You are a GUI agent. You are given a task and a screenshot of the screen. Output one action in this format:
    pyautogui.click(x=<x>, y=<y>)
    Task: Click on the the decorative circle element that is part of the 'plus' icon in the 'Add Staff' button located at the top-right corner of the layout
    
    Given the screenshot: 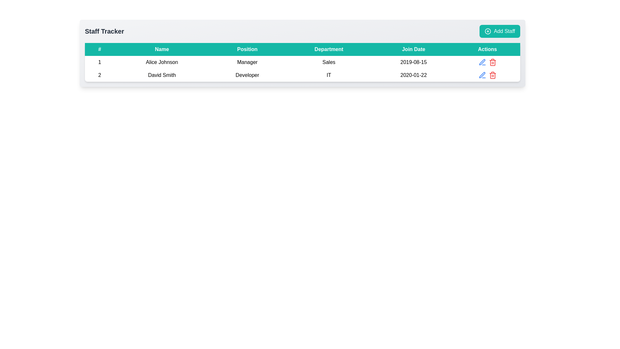 What is the action you would take?
    pyautogui.click(x=488, y=31)
    